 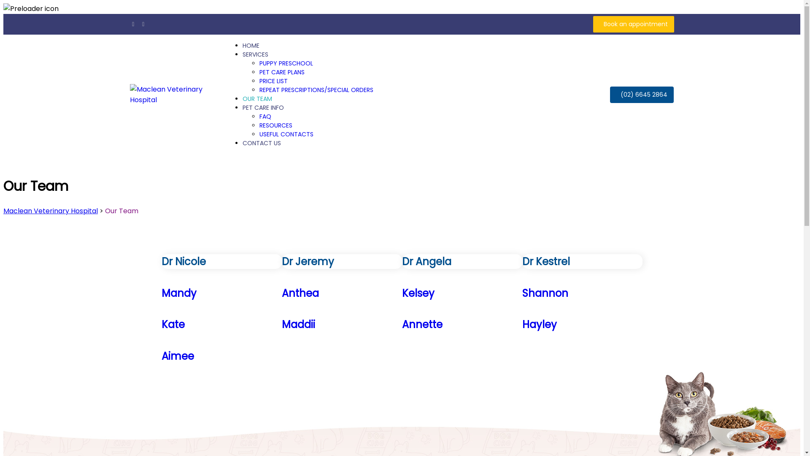 I want to click on 'PUPPY PRESCHOOL', so click(x=286, y=63).